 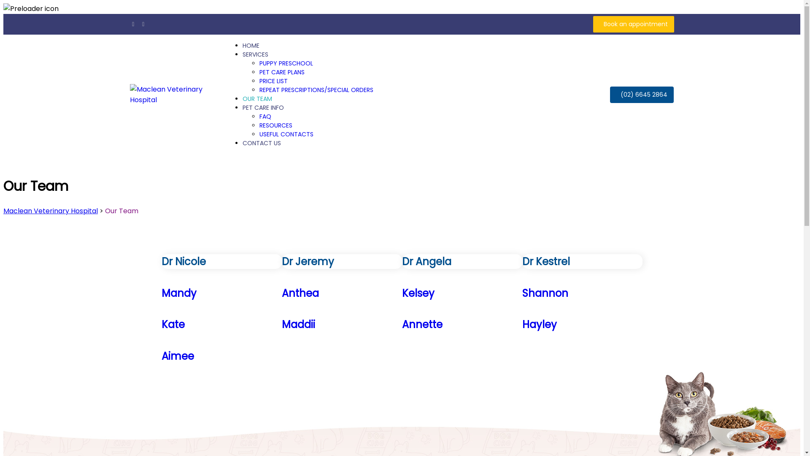 I want to click on 'PUPPY PRESCHOOL', so click(x=286, y=63).